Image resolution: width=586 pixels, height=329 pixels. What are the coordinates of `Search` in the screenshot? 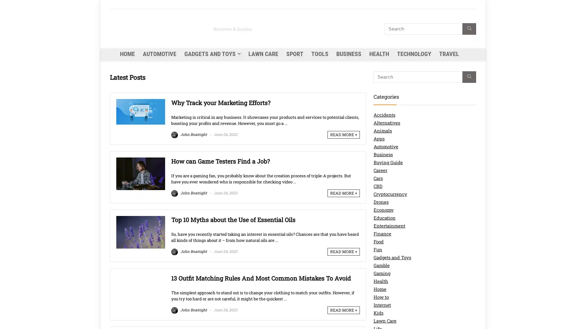 It's located at (469, 77).